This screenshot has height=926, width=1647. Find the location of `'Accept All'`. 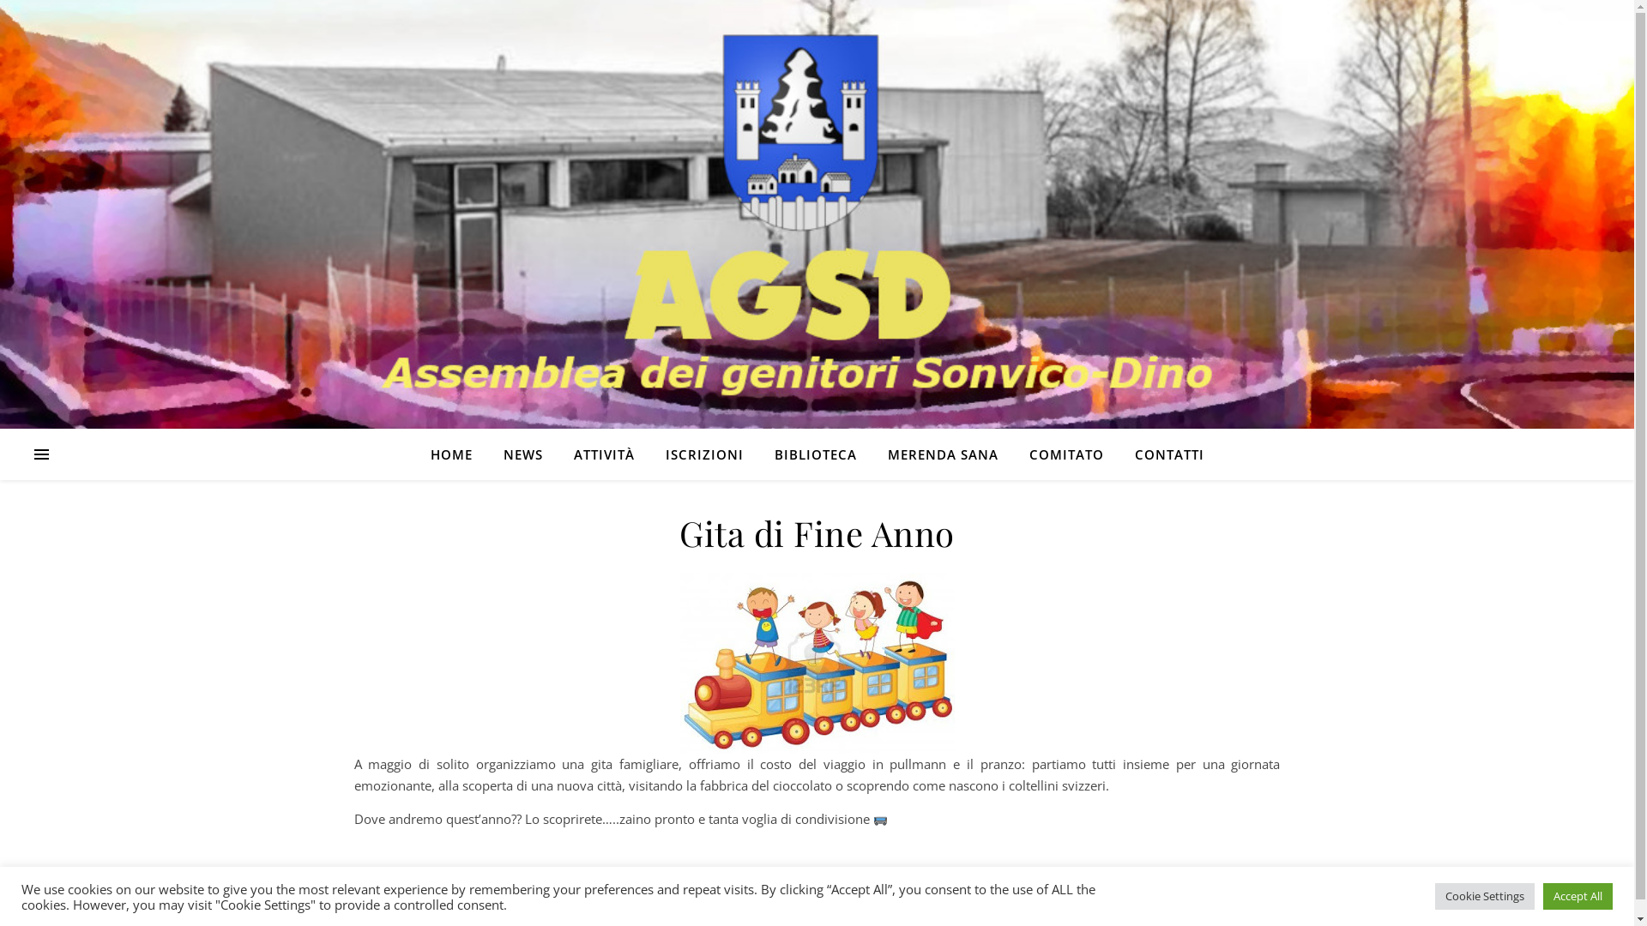

'Accept All' is located at coordinates (1578, 895).